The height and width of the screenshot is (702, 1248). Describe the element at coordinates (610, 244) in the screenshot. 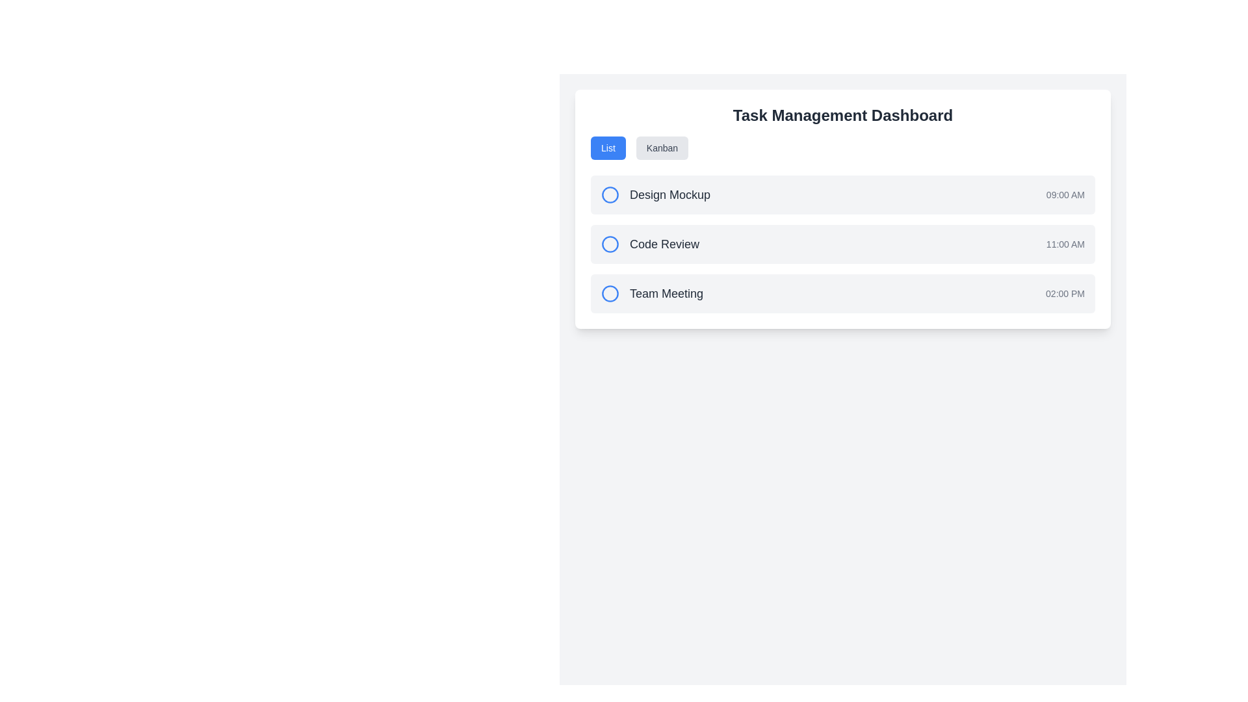

I see `the circular icon located to the immediate left of the text 'Code Review' in the second row of the task management interface` at that location.